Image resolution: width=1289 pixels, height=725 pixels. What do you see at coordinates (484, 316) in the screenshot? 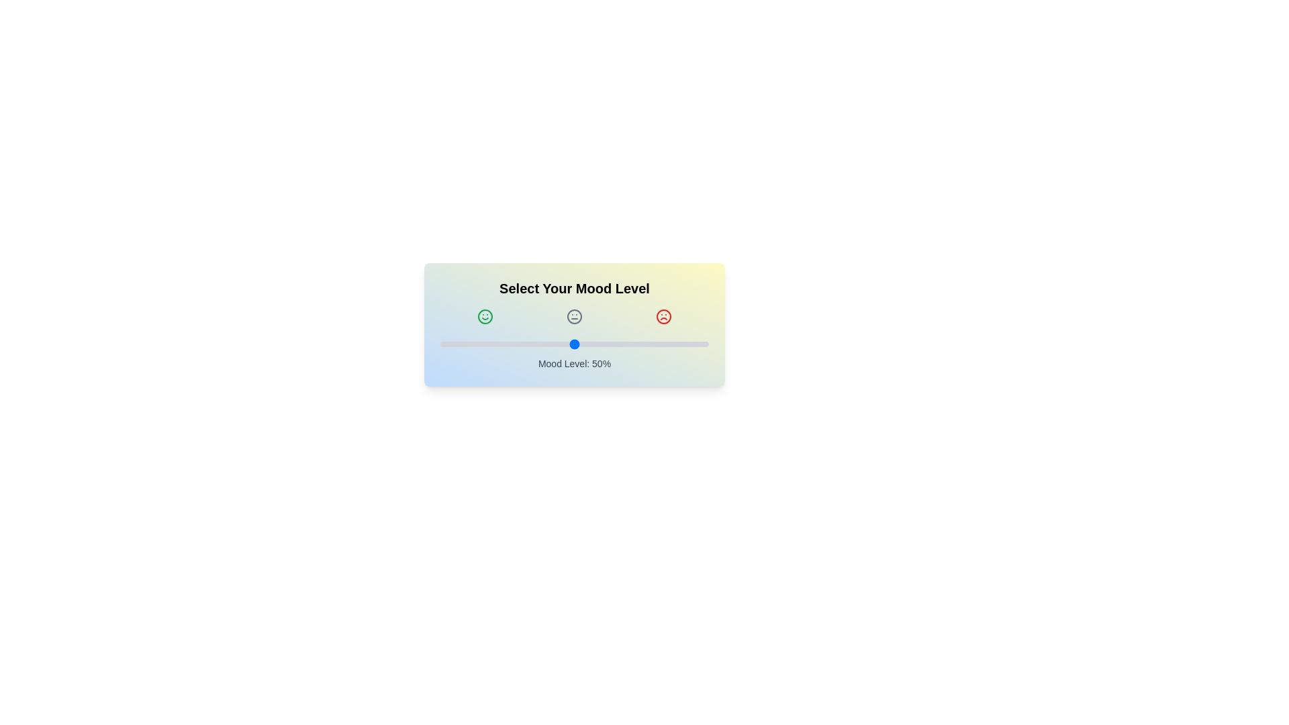
I see `decorative circle element within the smiley face icon, which is part of the SVG graphic located in the first icon of the mood indicators row under the 'Select Your Mood Level' panel` at bounding box center [484, 316].